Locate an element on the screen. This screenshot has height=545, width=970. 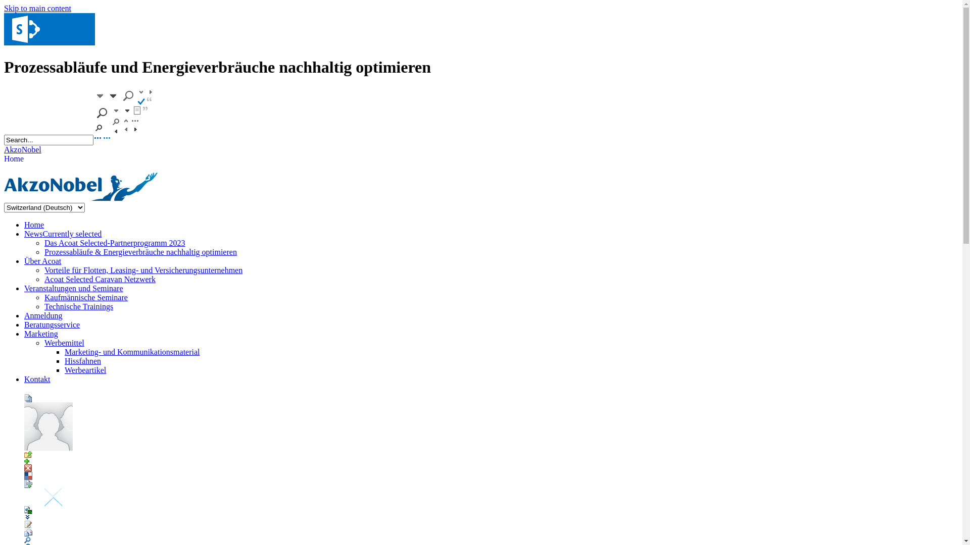
'AkzoNobel' is located at coordinates (22, 149).